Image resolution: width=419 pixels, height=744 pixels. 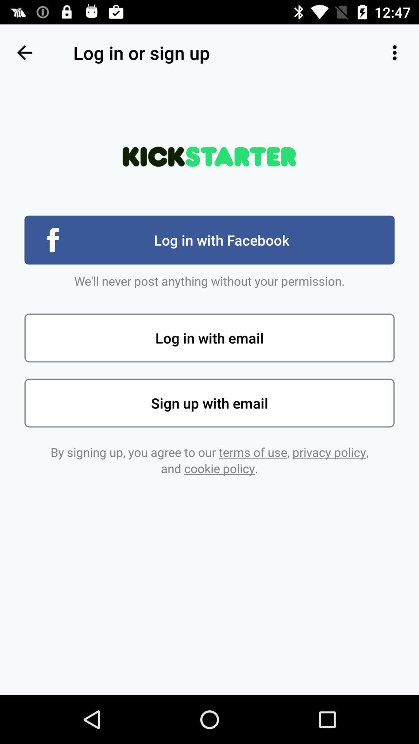 I want to click on item to the right of the log in or icon, so click(x=395, y=52).